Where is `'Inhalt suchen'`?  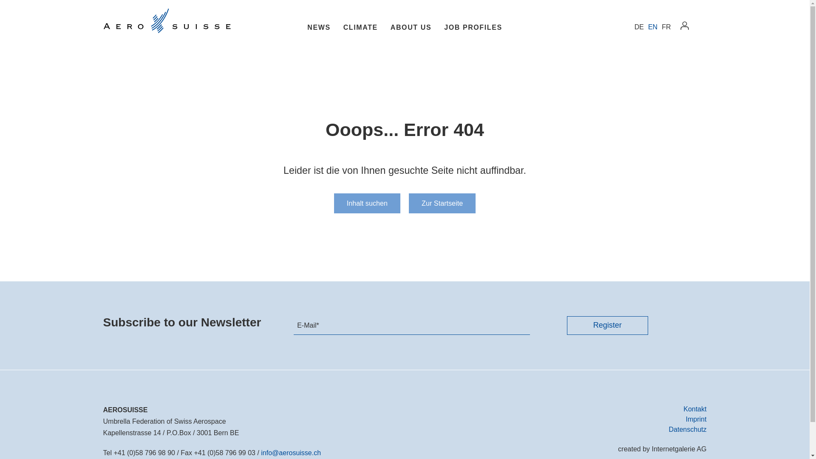 'Inhalt suchen' is located at coordinates (367, 203).